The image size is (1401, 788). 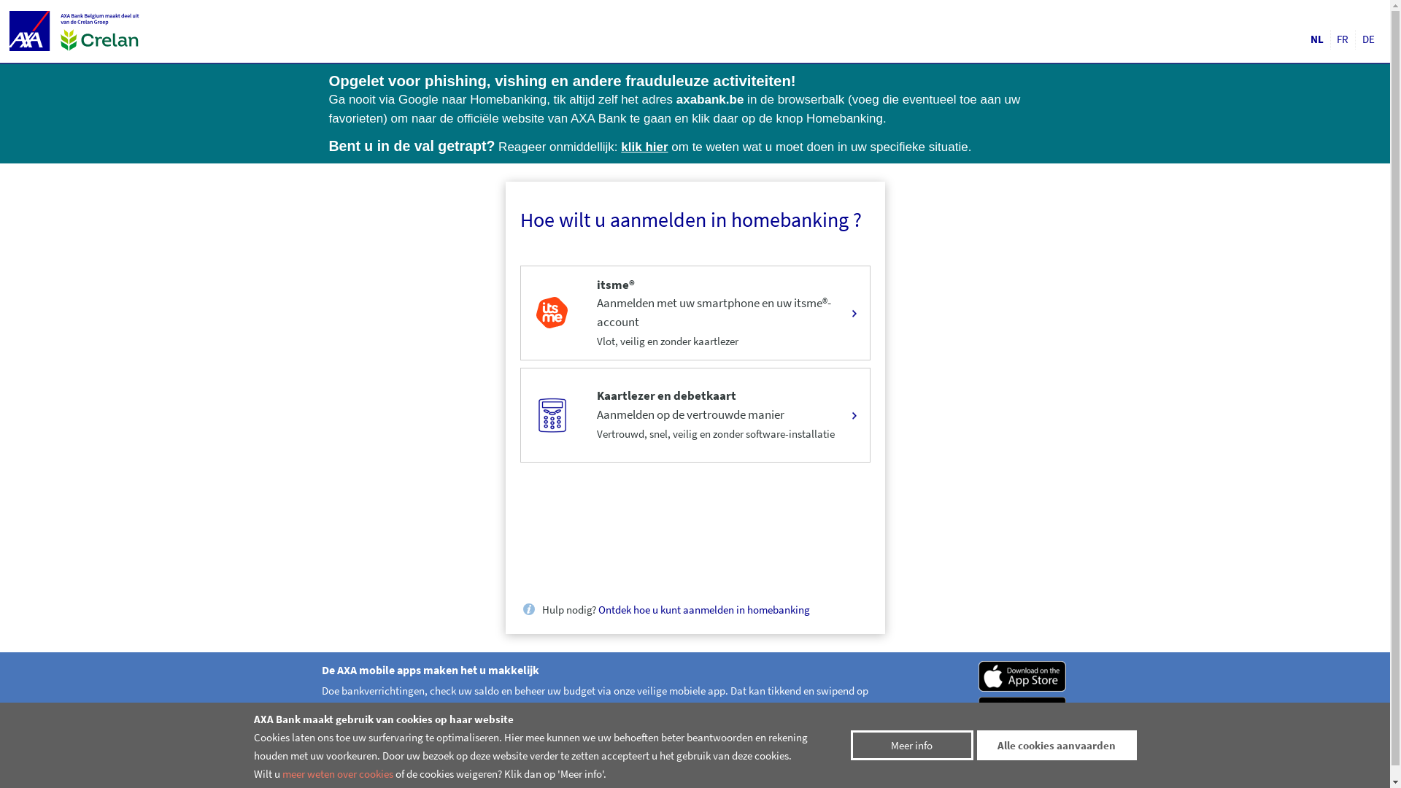 I want to click on 'Meer info', so click(x=911, y=745).